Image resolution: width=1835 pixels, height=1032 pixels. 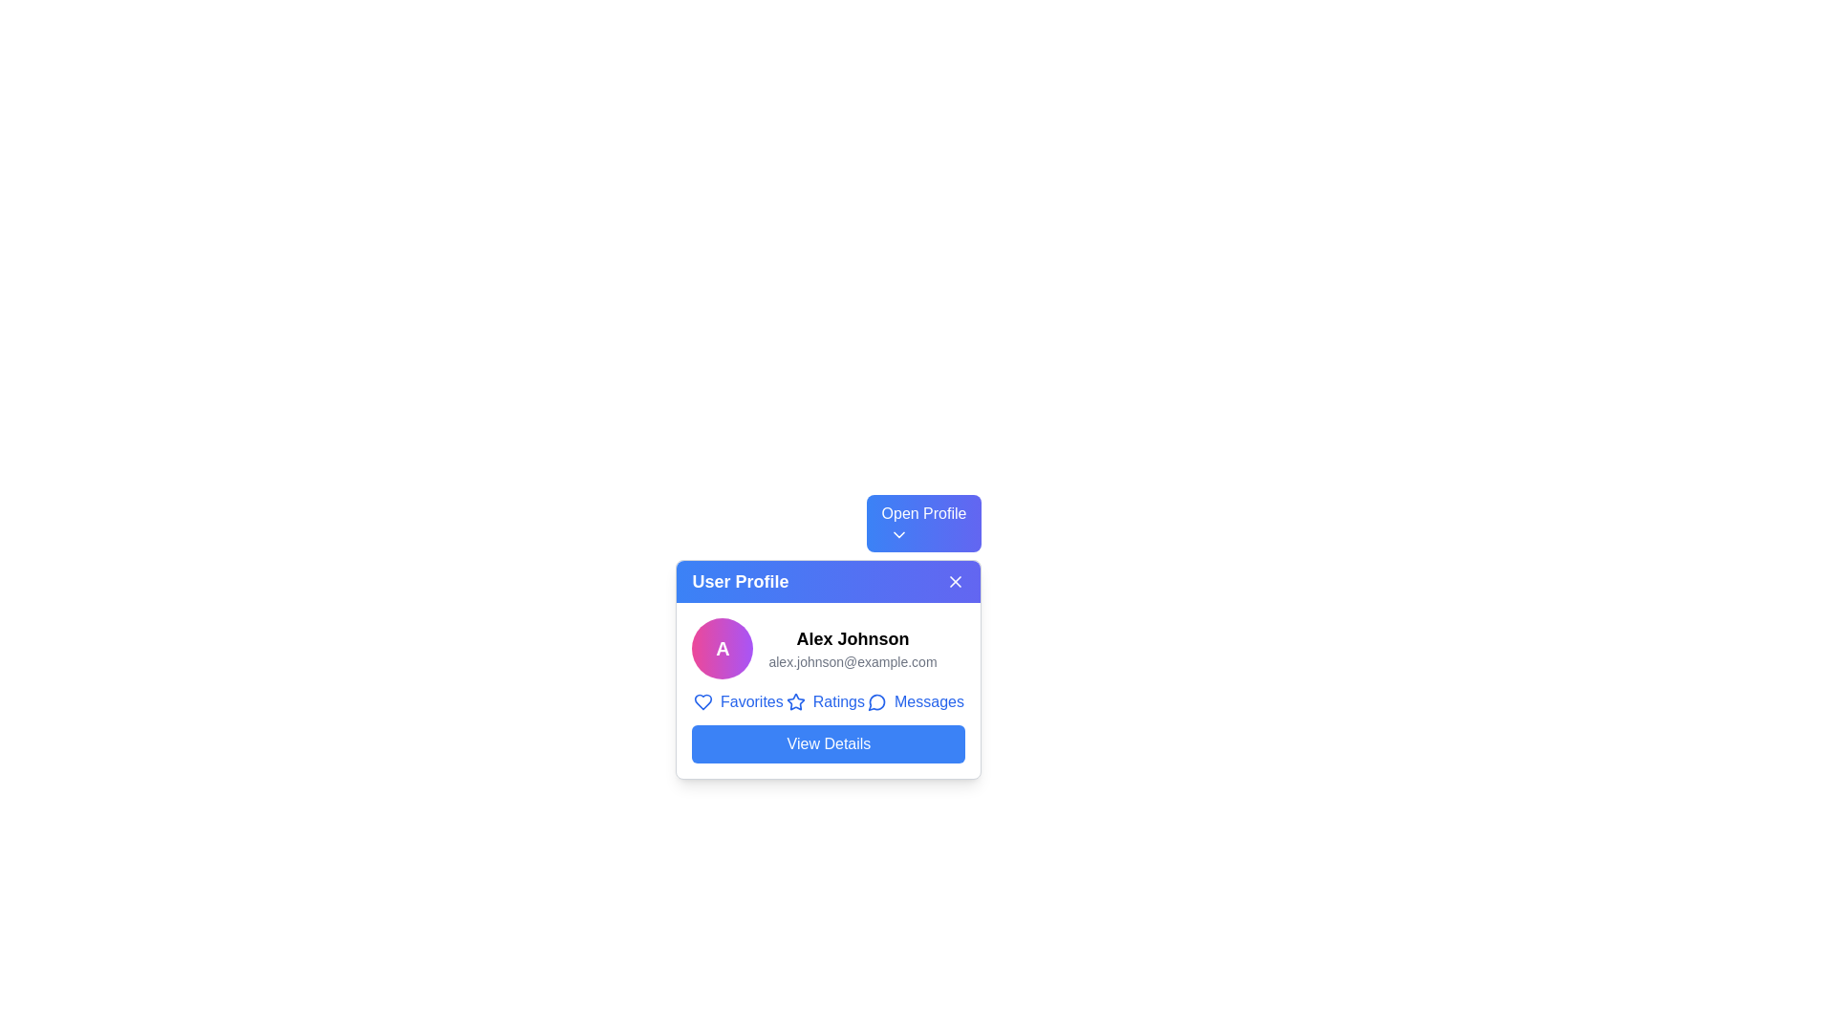 What do you see at coordinates (722, 647) in the screenshot?
I see `the bold, uppercase letter 'A' displayed in white font, which is centered within a vibrant circular gradient background transitioning from pink to purple, positioned above the 'User Profile' section and to the left of the header text 'Alex Johnson.'` at bounding box center [722, 647].